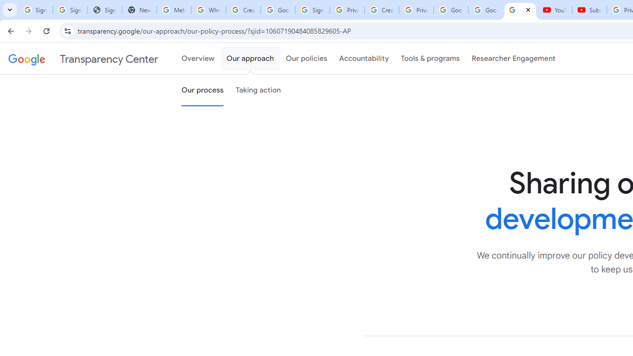 The height and width of the screenshot is (356, 633). I want to click on 'Sign in - Google Accounts', so click(312, 10).